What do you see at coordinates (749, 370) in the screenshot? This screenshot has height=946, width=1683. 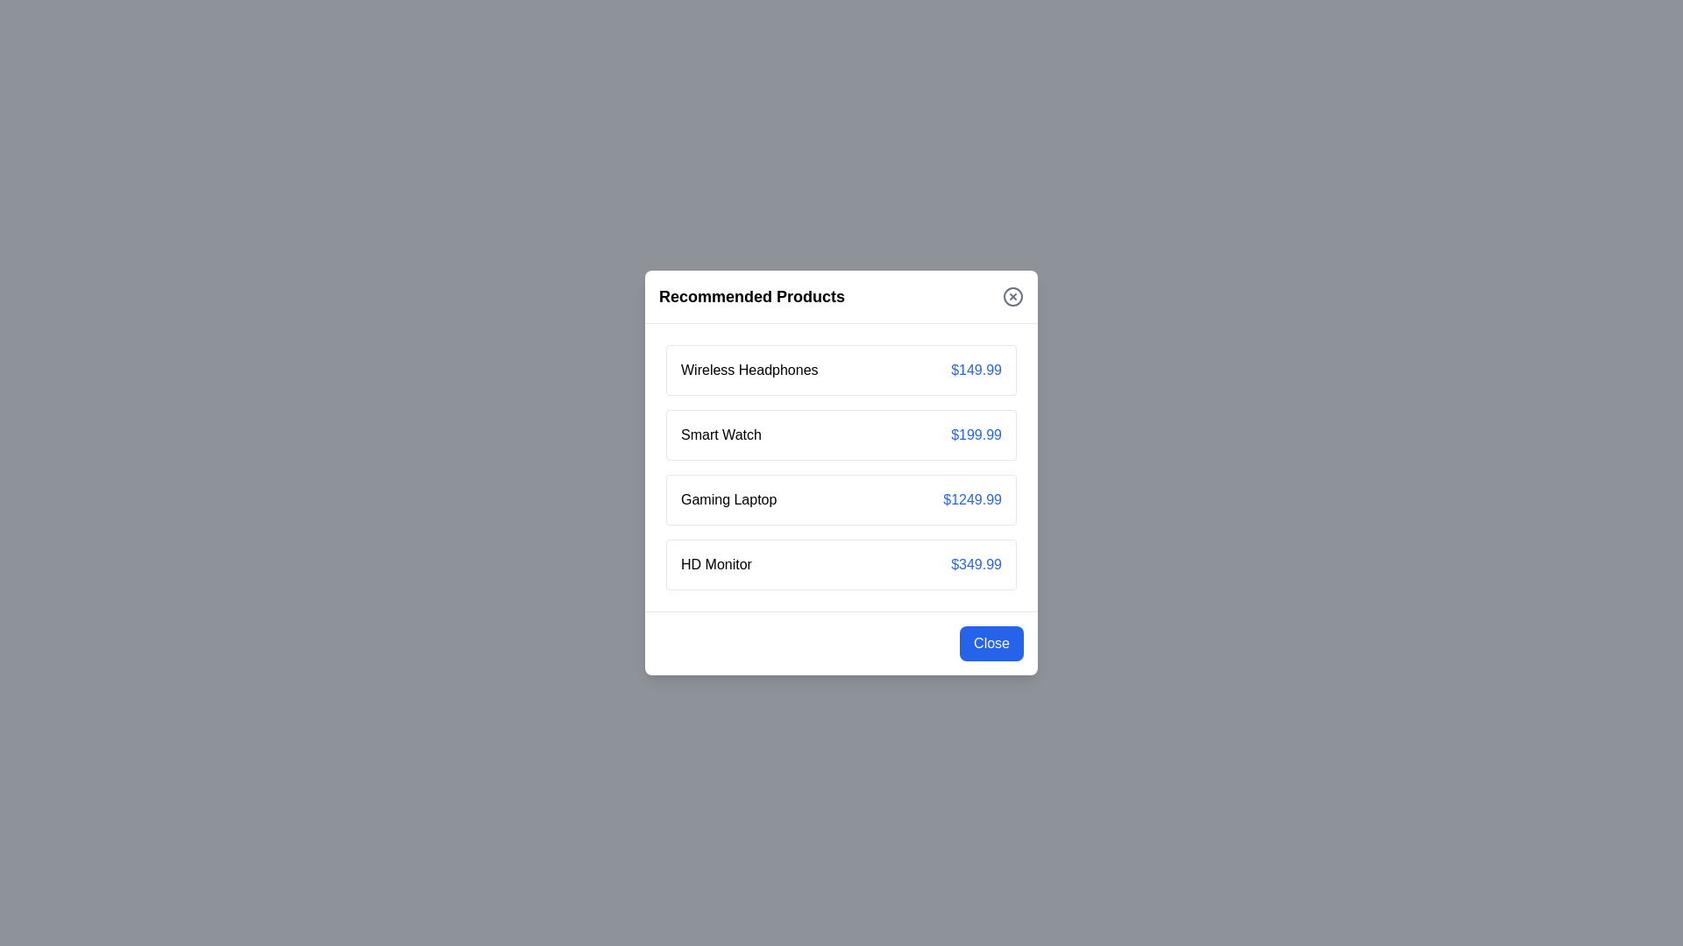 I see `the product Wireless Headphones to view its details` at bounding box center [749, 370].